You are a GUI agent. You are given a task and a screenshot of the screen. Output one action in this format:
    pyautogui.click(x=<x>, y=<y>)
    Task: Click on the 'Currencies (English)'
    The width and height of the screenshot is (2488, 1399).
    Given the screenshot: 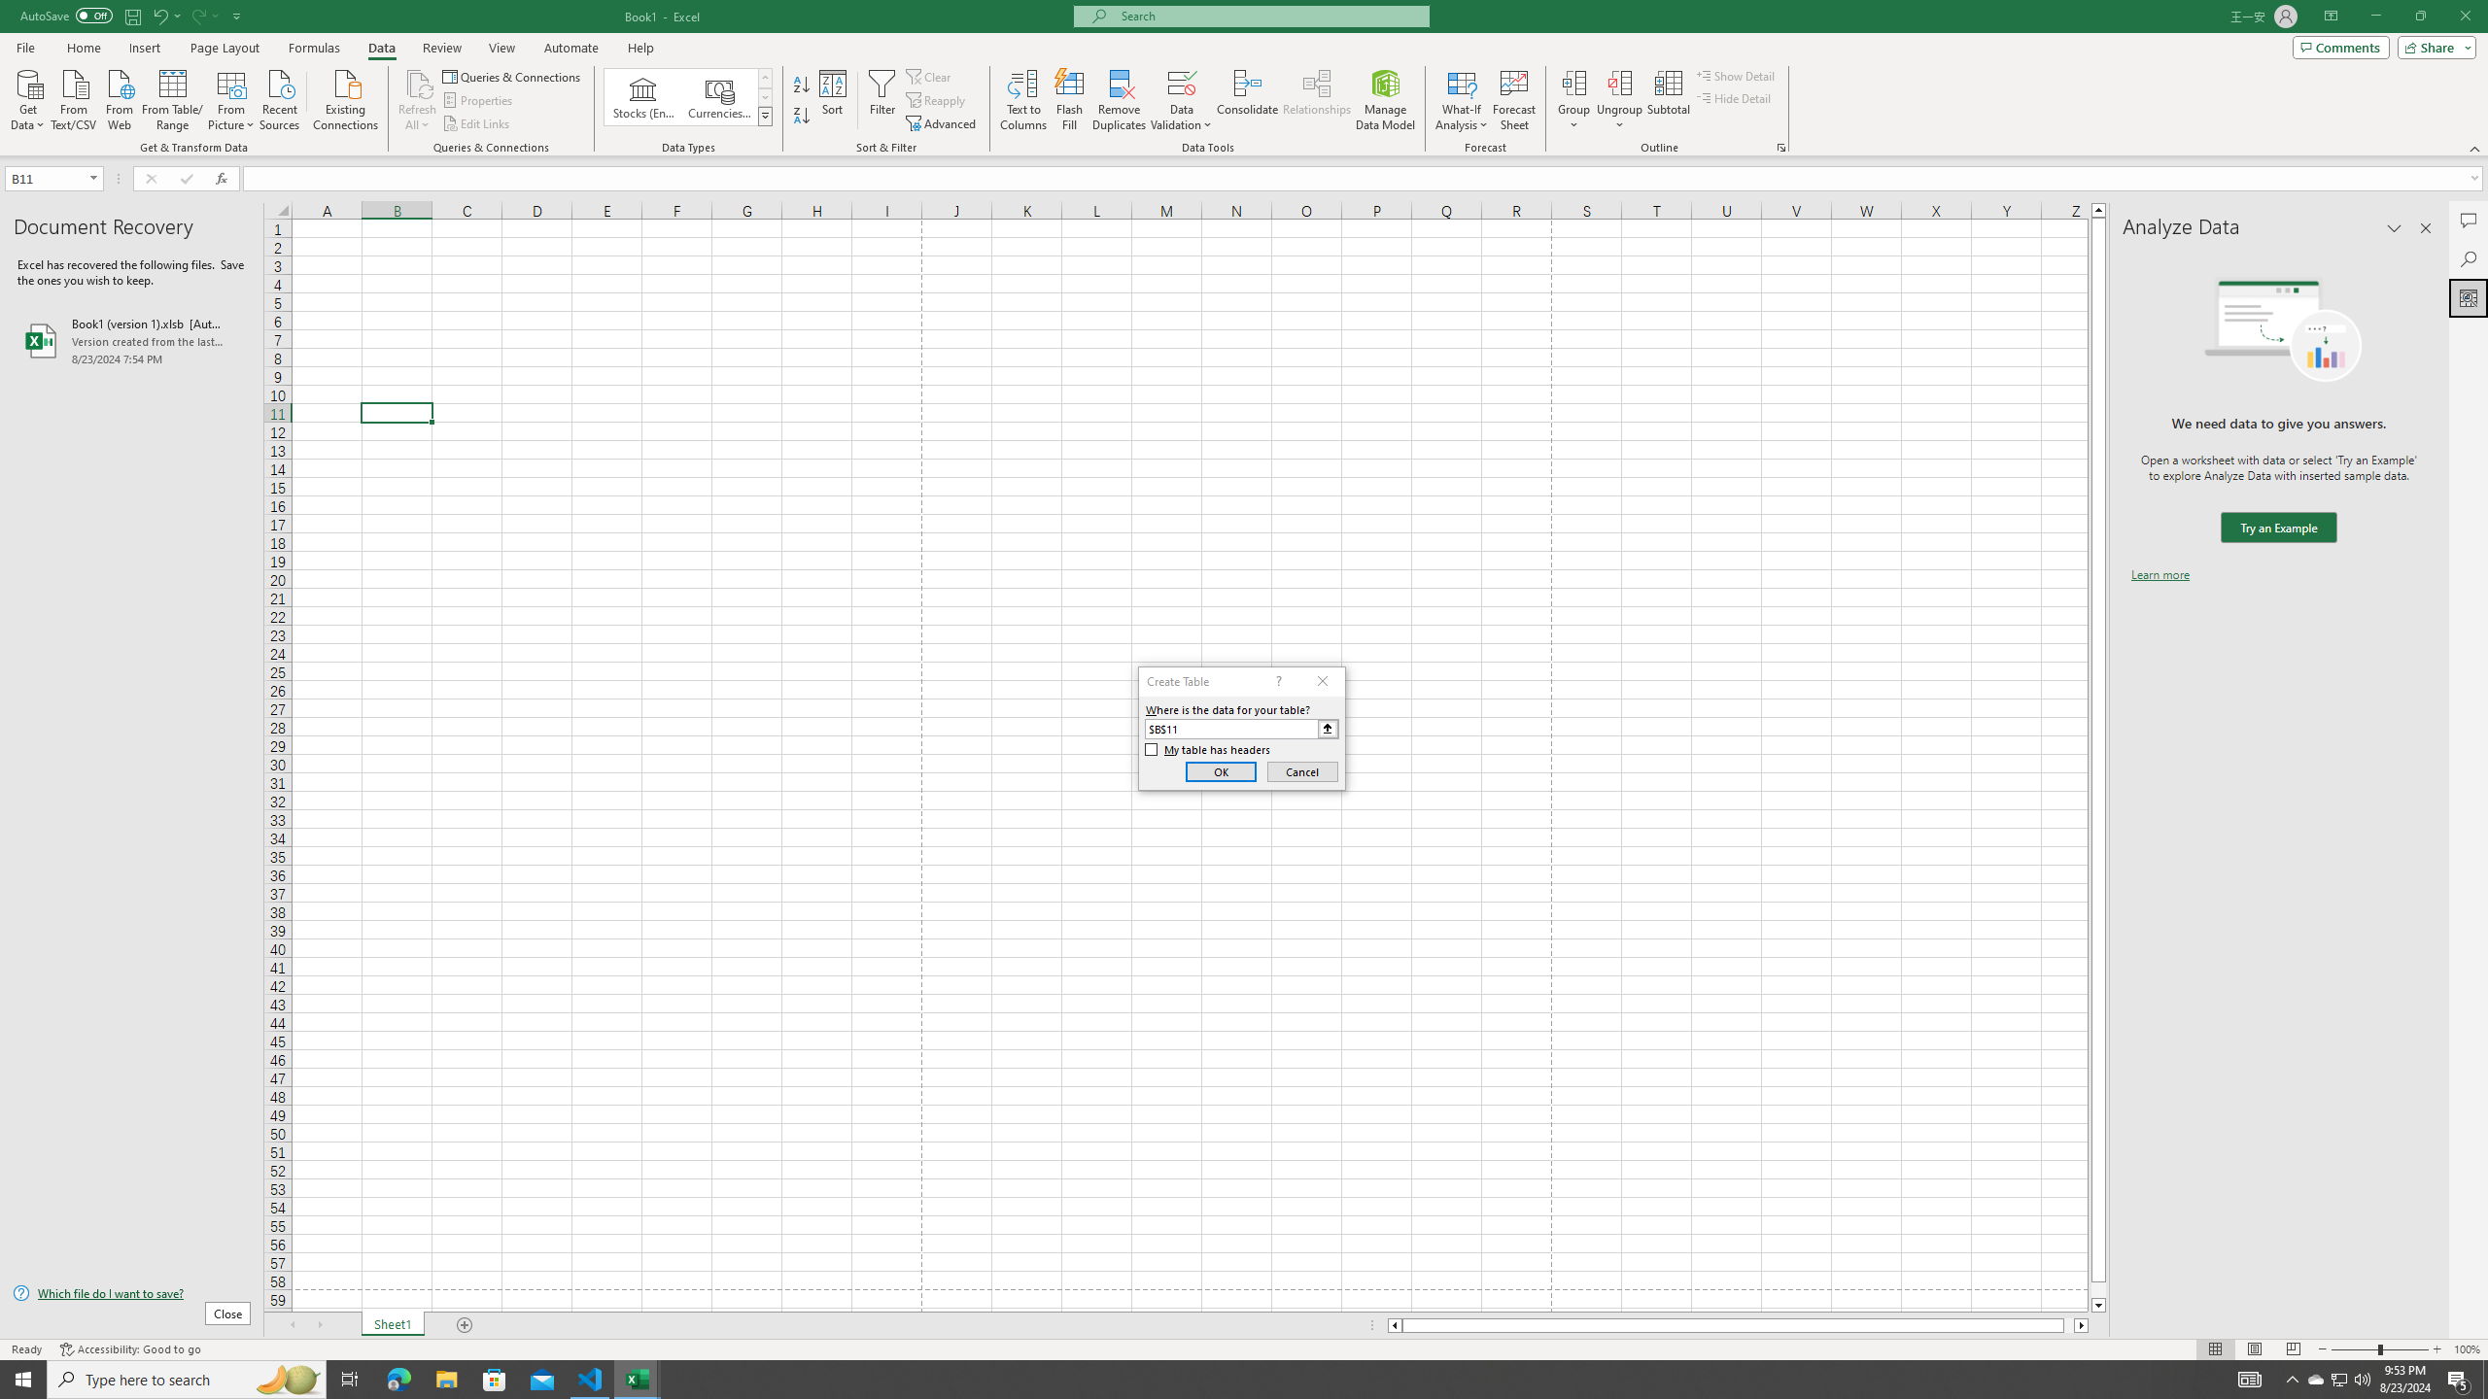 What is the action you would take?
    pyautogui.click(x=717, y=96)
    